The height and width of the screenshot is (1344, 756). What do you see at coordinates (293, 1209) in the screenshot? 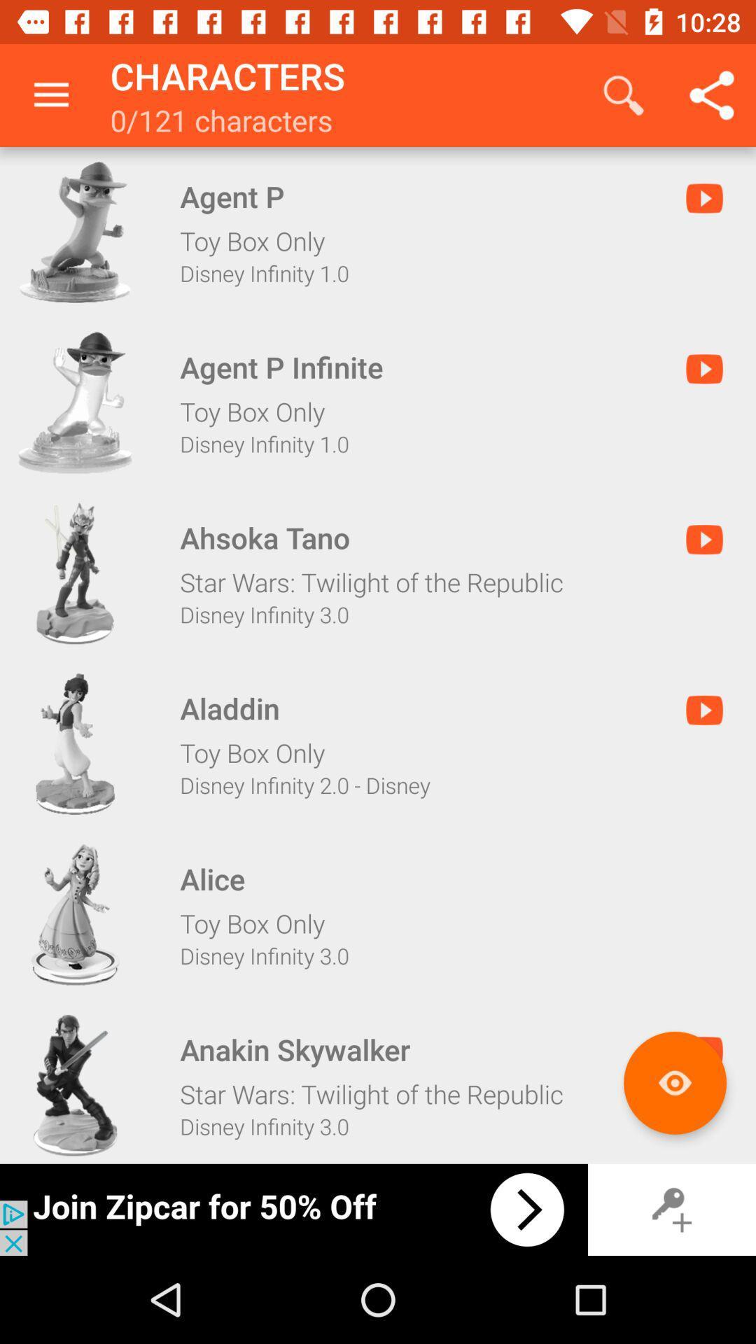
I see `previous` at bounding box center [293, 1209].